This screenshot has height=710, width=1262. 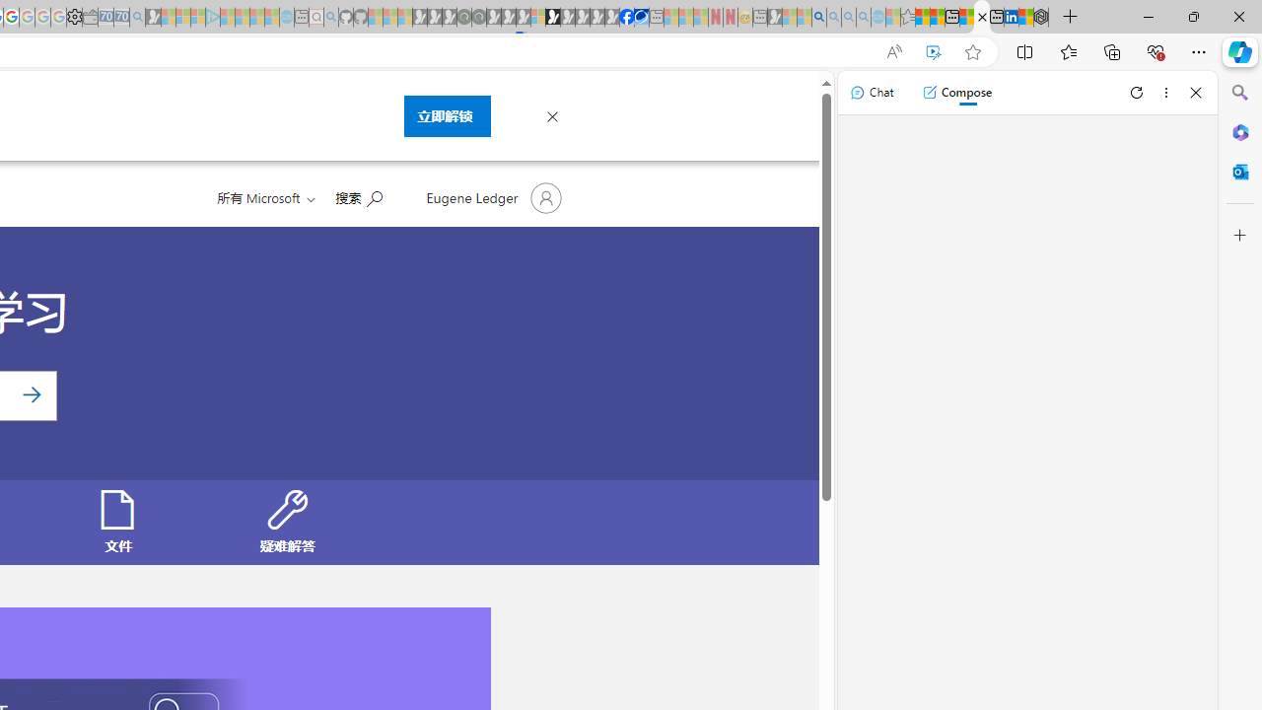 I want to click on 'Search', so click(x=1239, y=93).